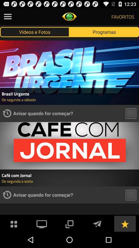  Describe the element at coordinates (69, 223) in the screenshot. I see `drop down option` at that location.